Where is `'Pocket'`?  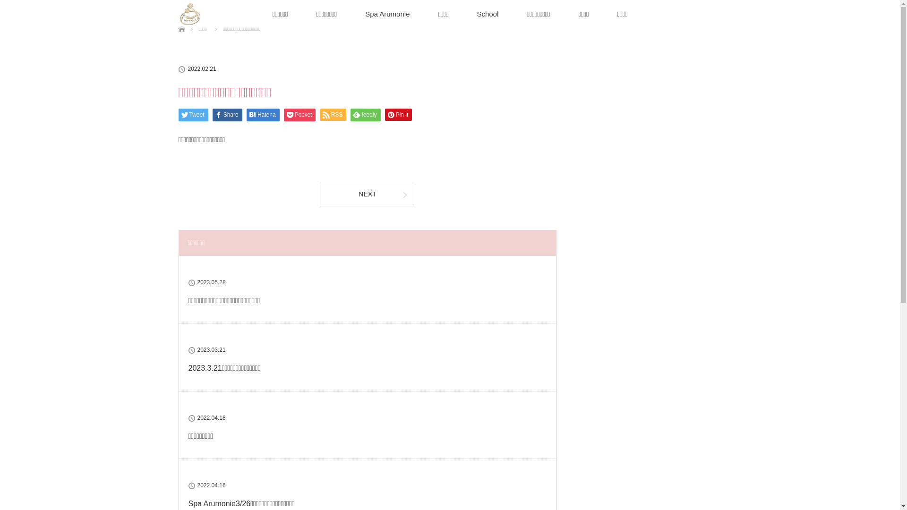 'Pocket' is located at coordinates (299, 114).